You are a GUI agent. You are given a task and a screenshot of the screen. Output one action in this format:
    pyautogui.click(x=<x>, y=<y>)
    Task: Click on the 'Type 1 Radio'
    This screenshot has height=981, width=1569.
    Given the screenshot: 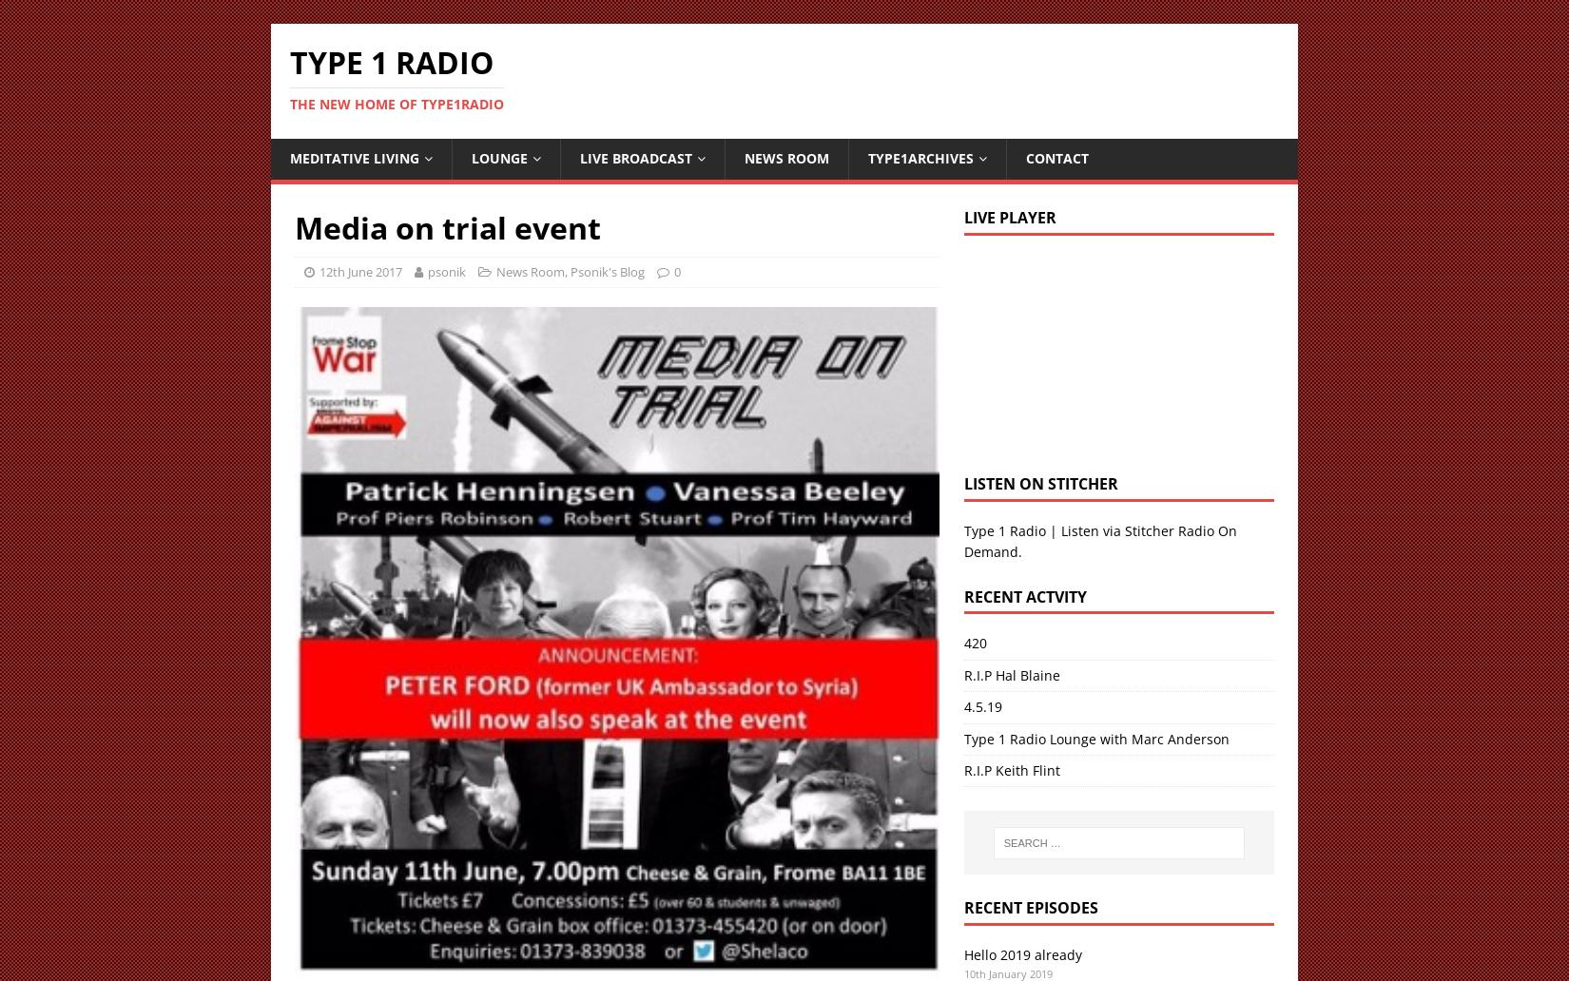 What is the action you would take?
    pyautogui.click(x=289, y=62)
    